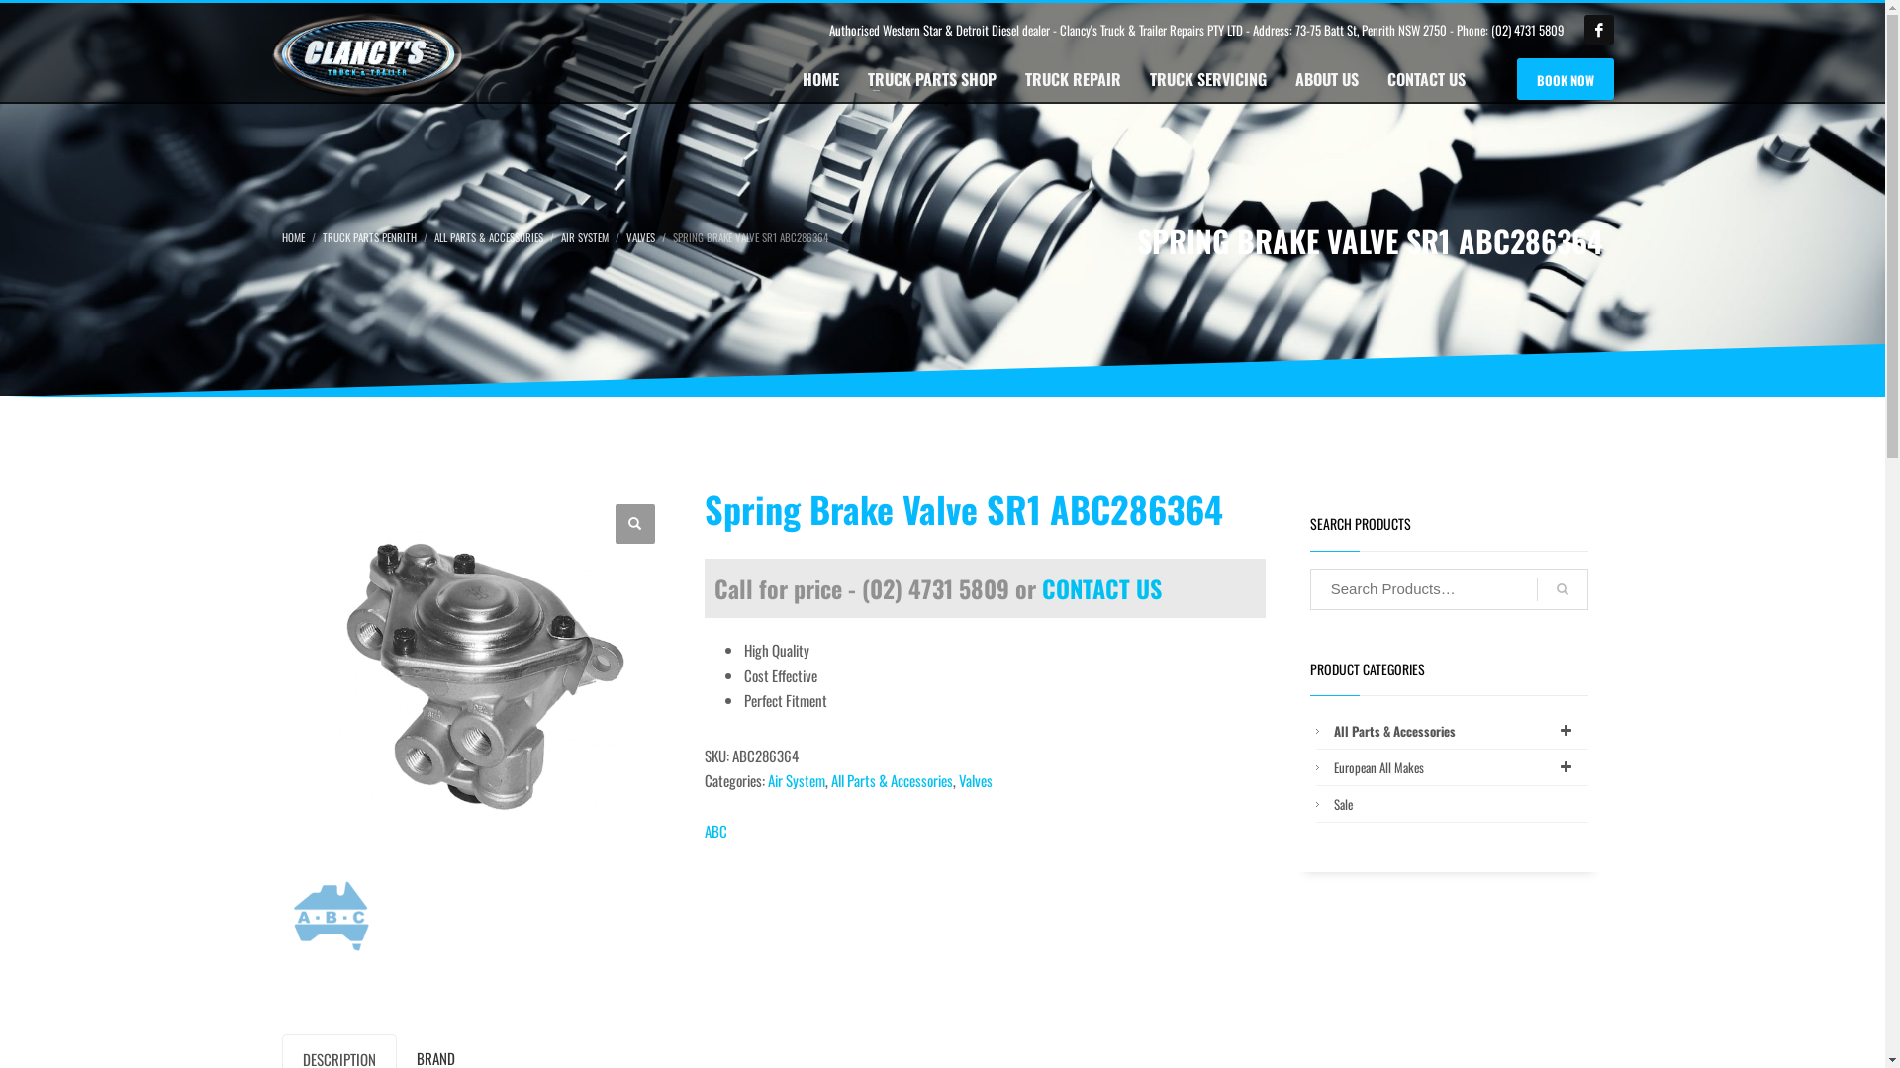 This screenshot has height=1068, width=1900. What do you see at coordinates (930, 78) in the screenshot?
I see `'TRUCK PARTS SHOP'` at bounding box center [930, 78].